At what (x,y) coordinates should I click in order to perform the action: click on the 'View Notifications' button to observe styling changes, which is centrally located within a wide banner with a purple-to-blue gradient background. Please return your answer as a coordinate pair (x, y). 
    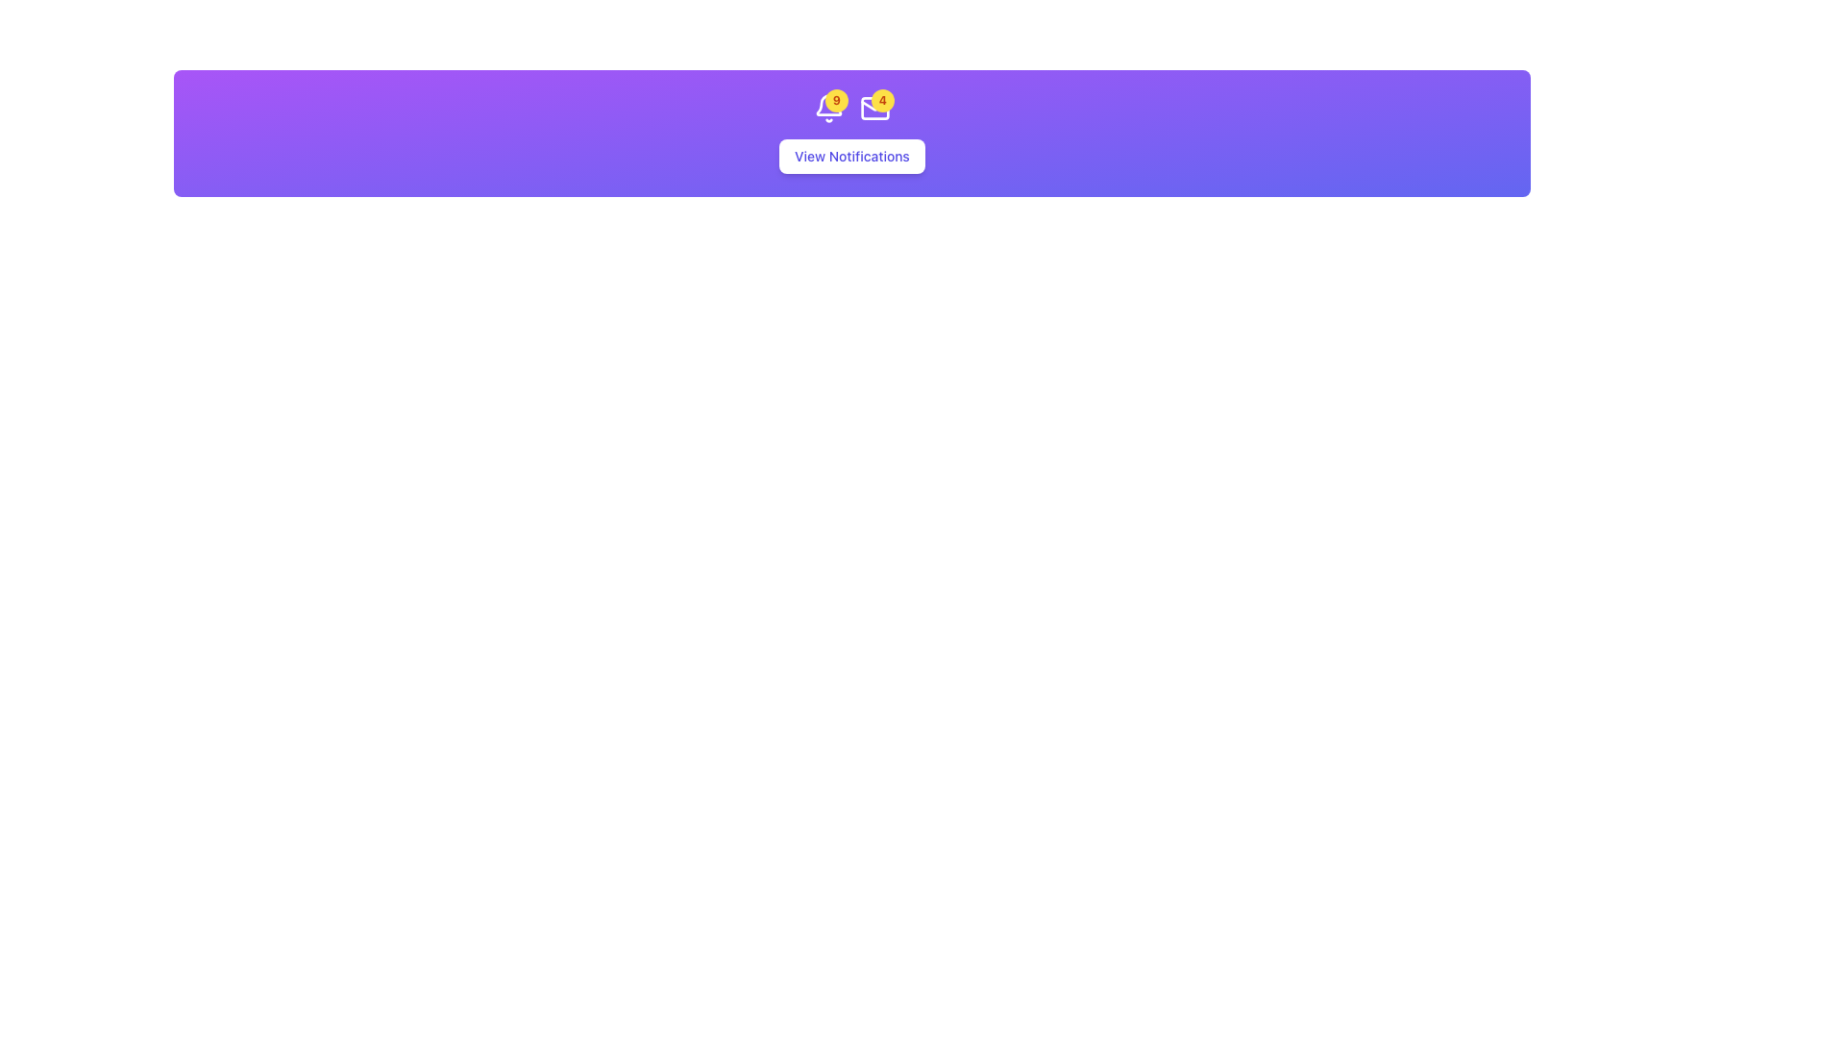
    Looking at the image, I should click on (851, 155).